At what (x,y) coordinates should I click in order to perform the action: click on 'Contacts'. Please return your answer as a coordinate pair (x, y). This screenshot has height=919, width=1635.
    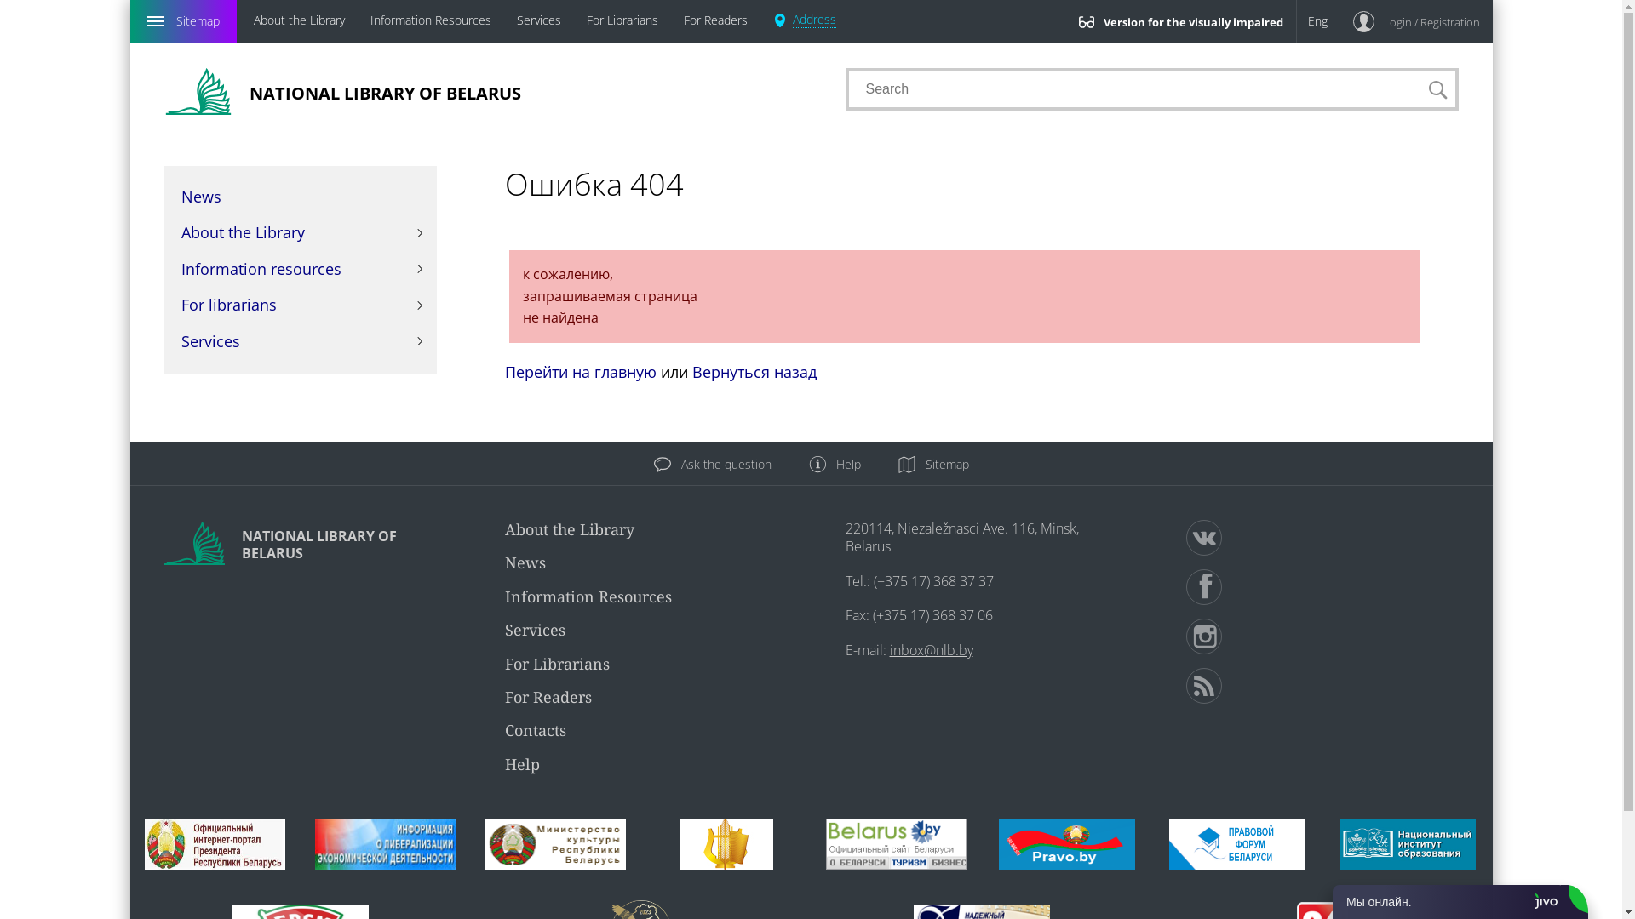
    Looking at the image, I should click on (502, 728).